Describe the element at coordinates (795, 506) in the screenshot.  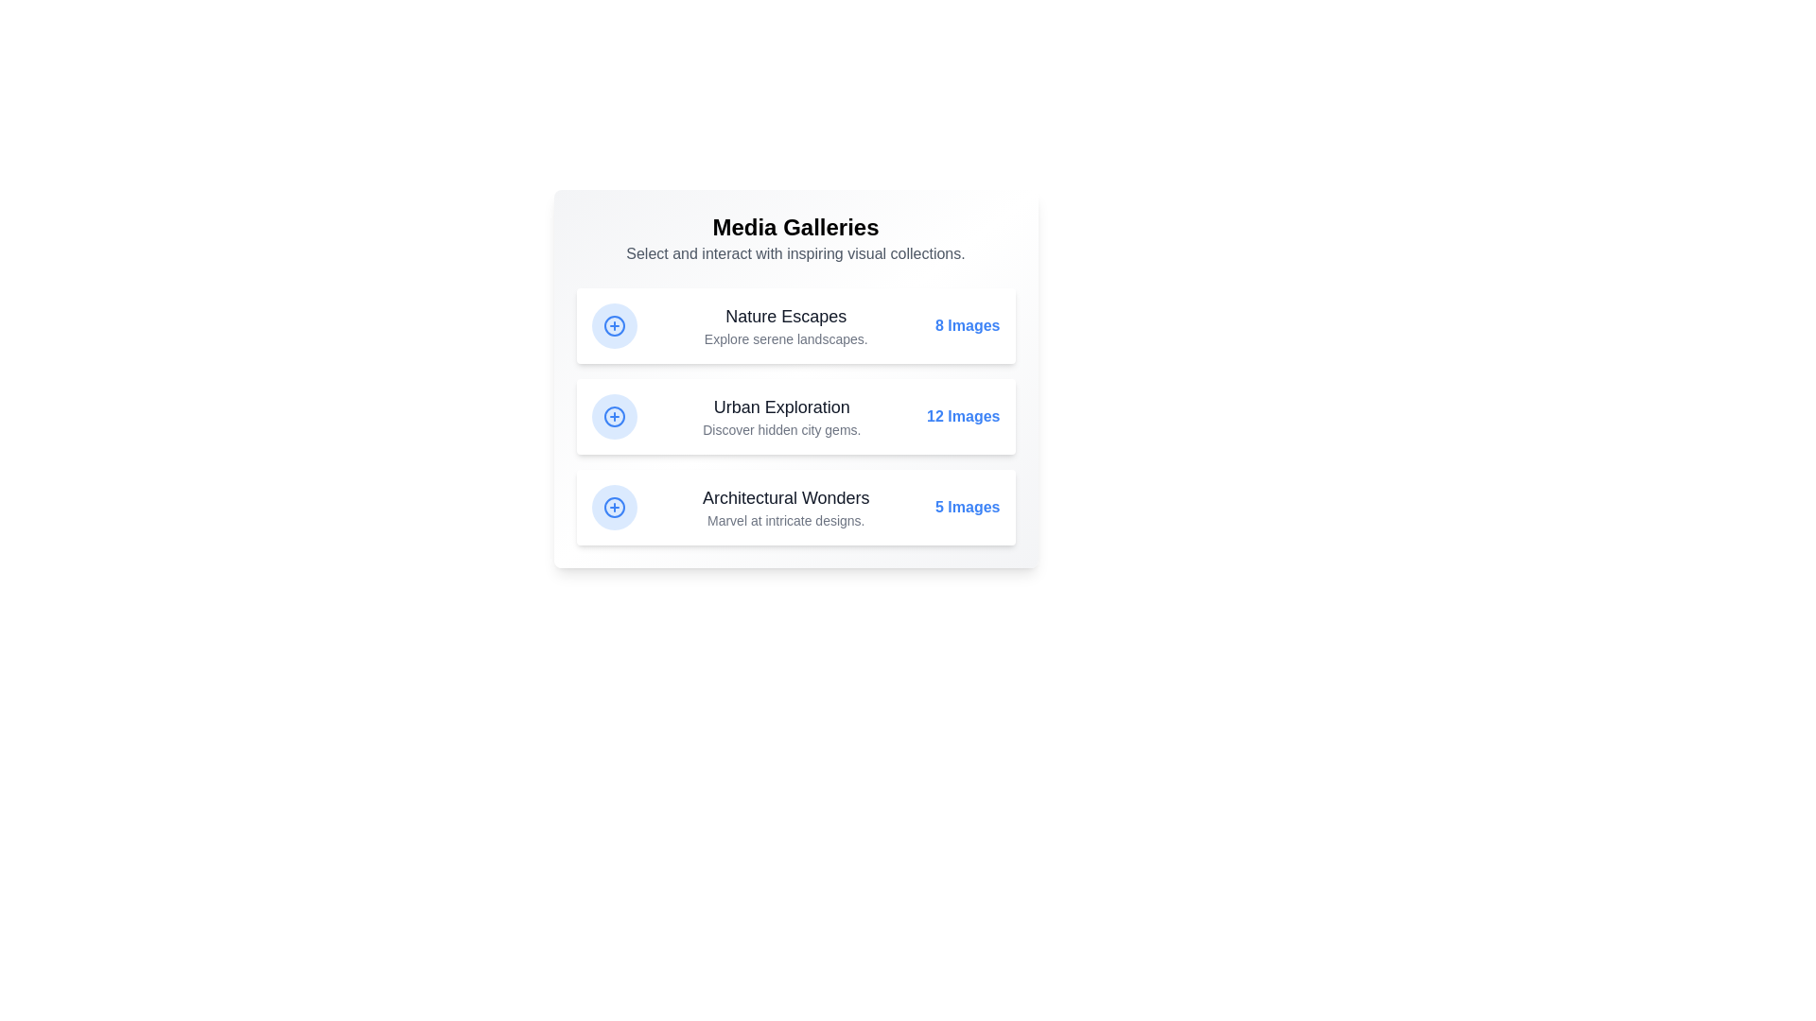
I see `the gallery Architectural Wonders` at that location.